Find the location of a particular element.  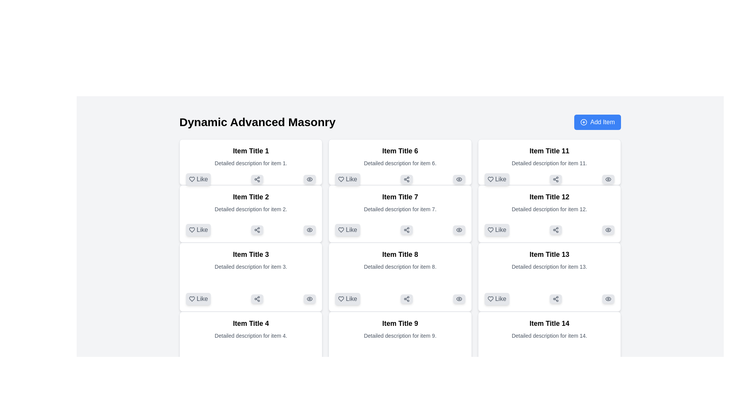

the Text block located in the second card of the first column, centered below 'Item Title 2' and above the 'Like' button section is located at coordinates (251, 204).